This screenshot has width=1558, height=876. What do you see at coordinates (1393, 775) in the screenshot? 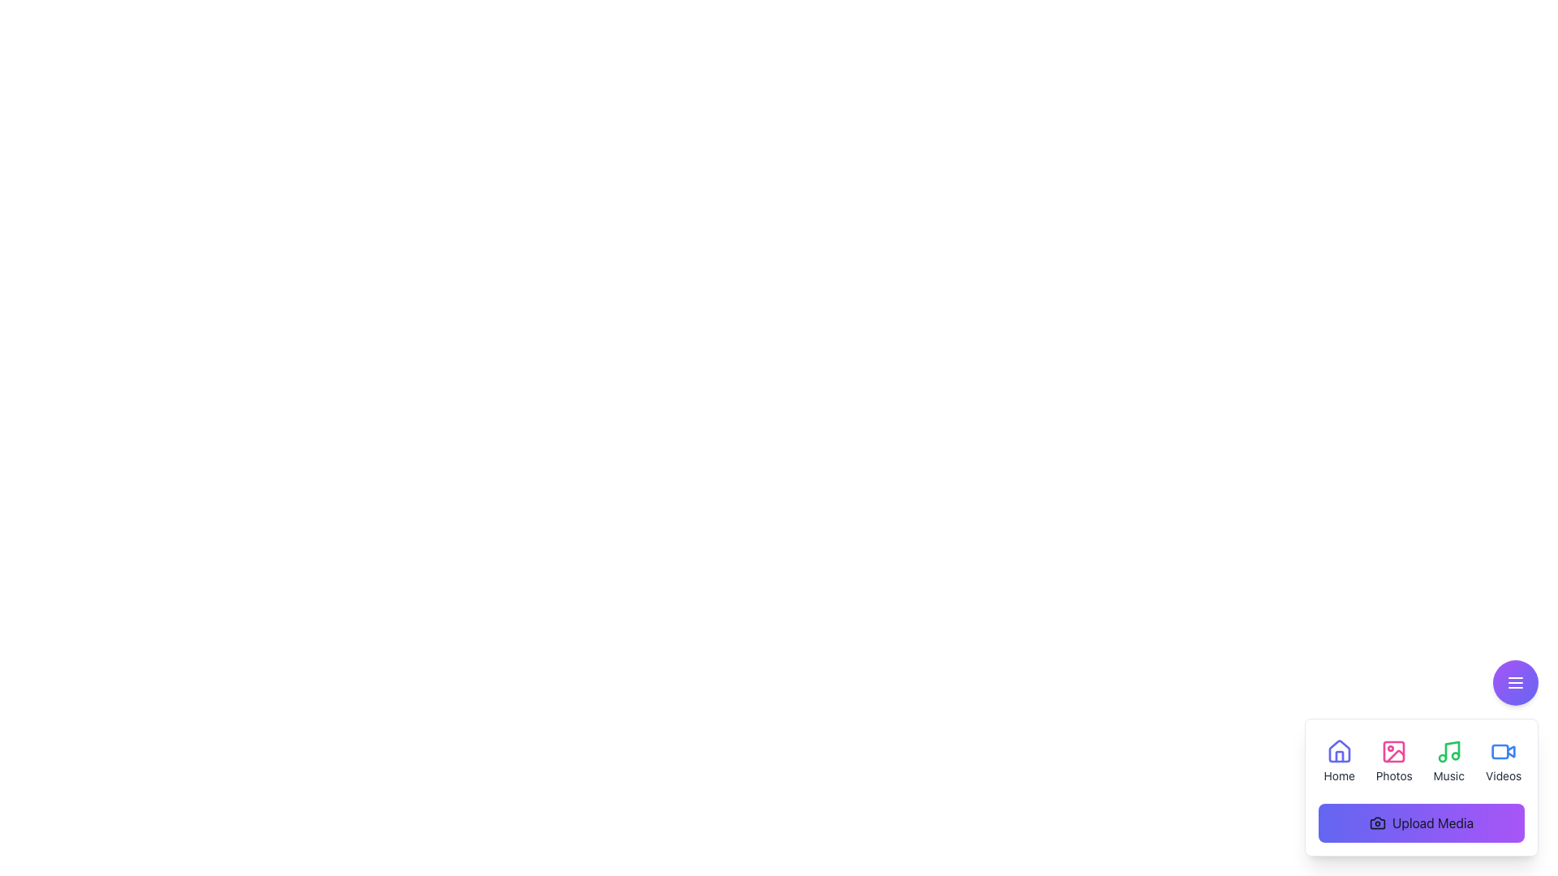
I see `text label that displays the word 'Photos', which is styled with dark text color and positioned directly below the pink-colored photo frame icon` at bounding box center [1393, 775].